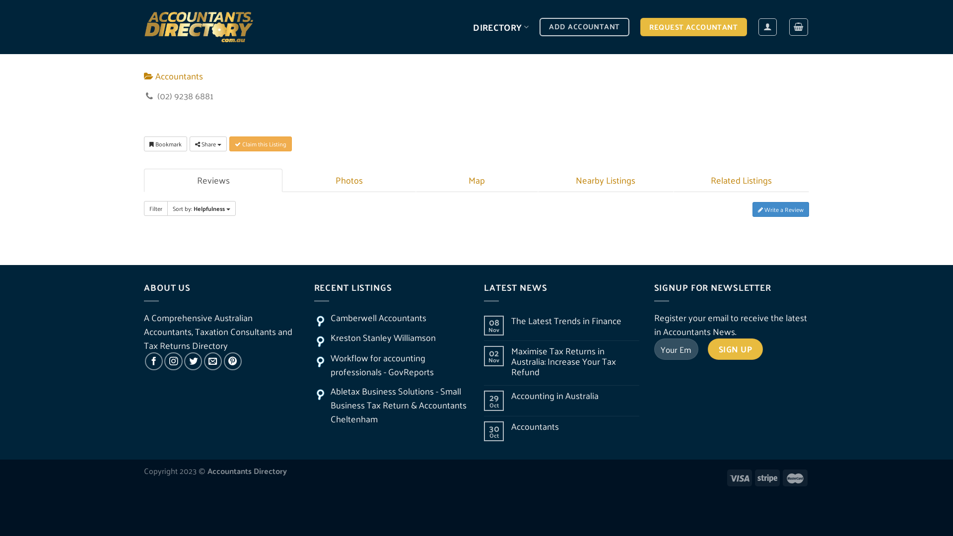 Image resolution: width=953 pixels, height=536 pixels. Describe the element at coordinates (500, 26) in the screenshot. I see `'DIRECTORY'` at that location.